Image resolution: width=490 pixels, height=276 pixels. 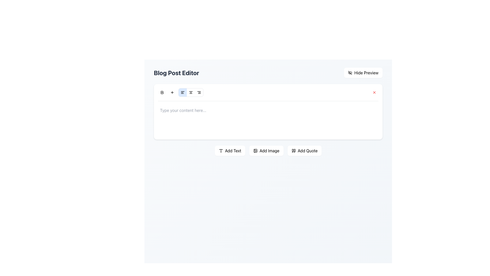 I want to click on the third button in the row at the bottom of the text editor interface, which allows users, so click(x=304, y=151).